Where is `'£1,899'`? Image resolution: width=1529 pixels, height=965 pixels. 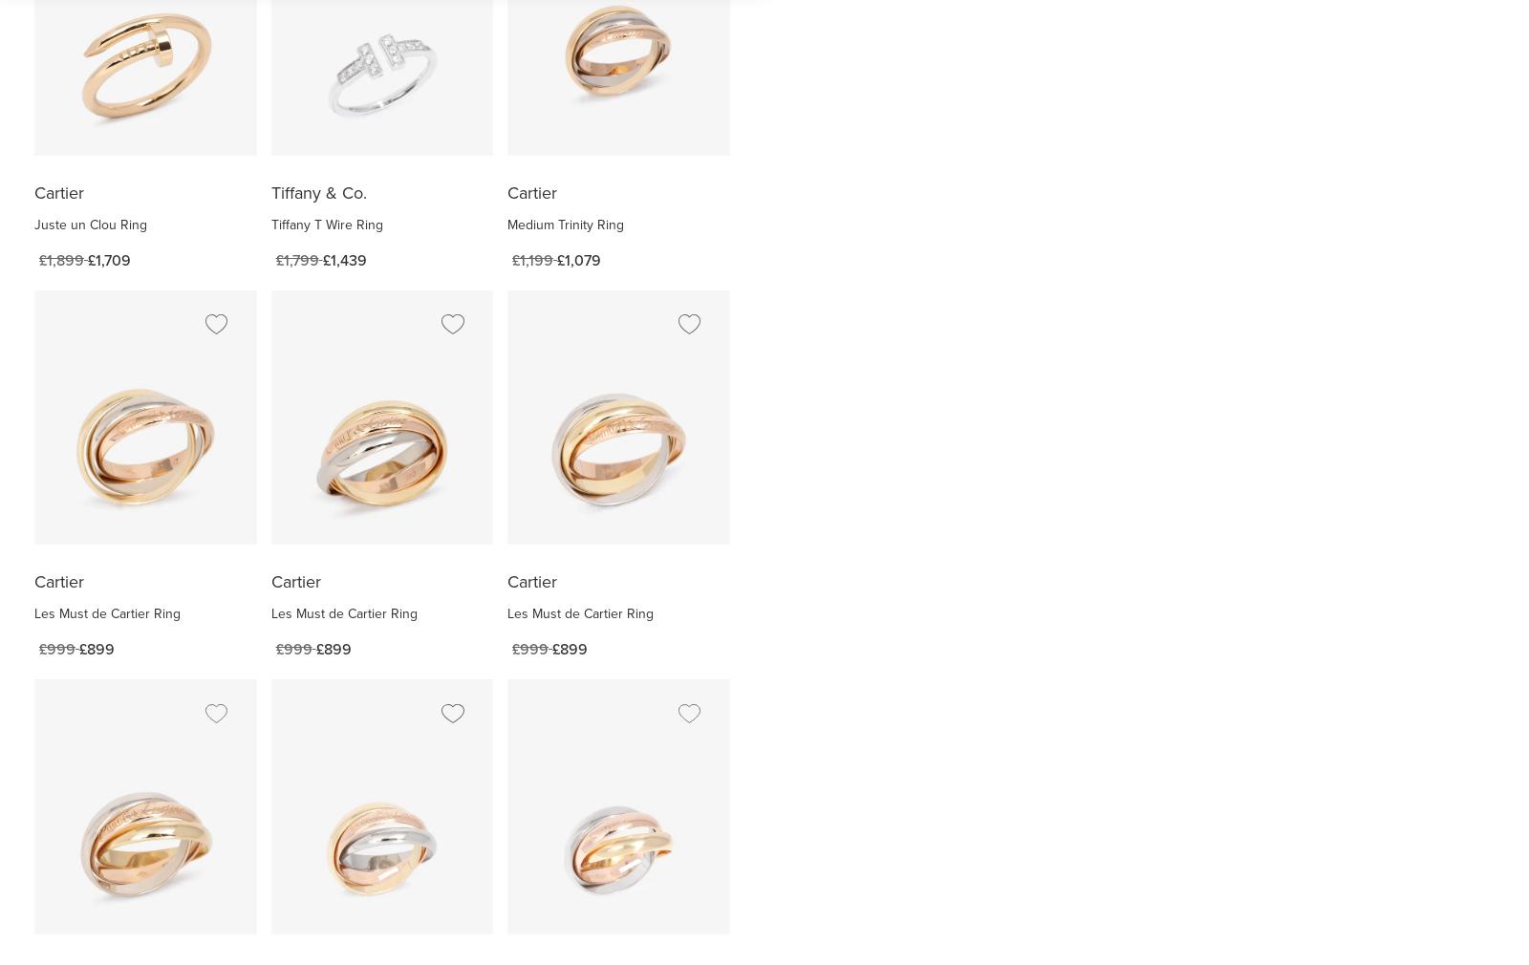
'£1,899' is located at coordinates (60, 259).